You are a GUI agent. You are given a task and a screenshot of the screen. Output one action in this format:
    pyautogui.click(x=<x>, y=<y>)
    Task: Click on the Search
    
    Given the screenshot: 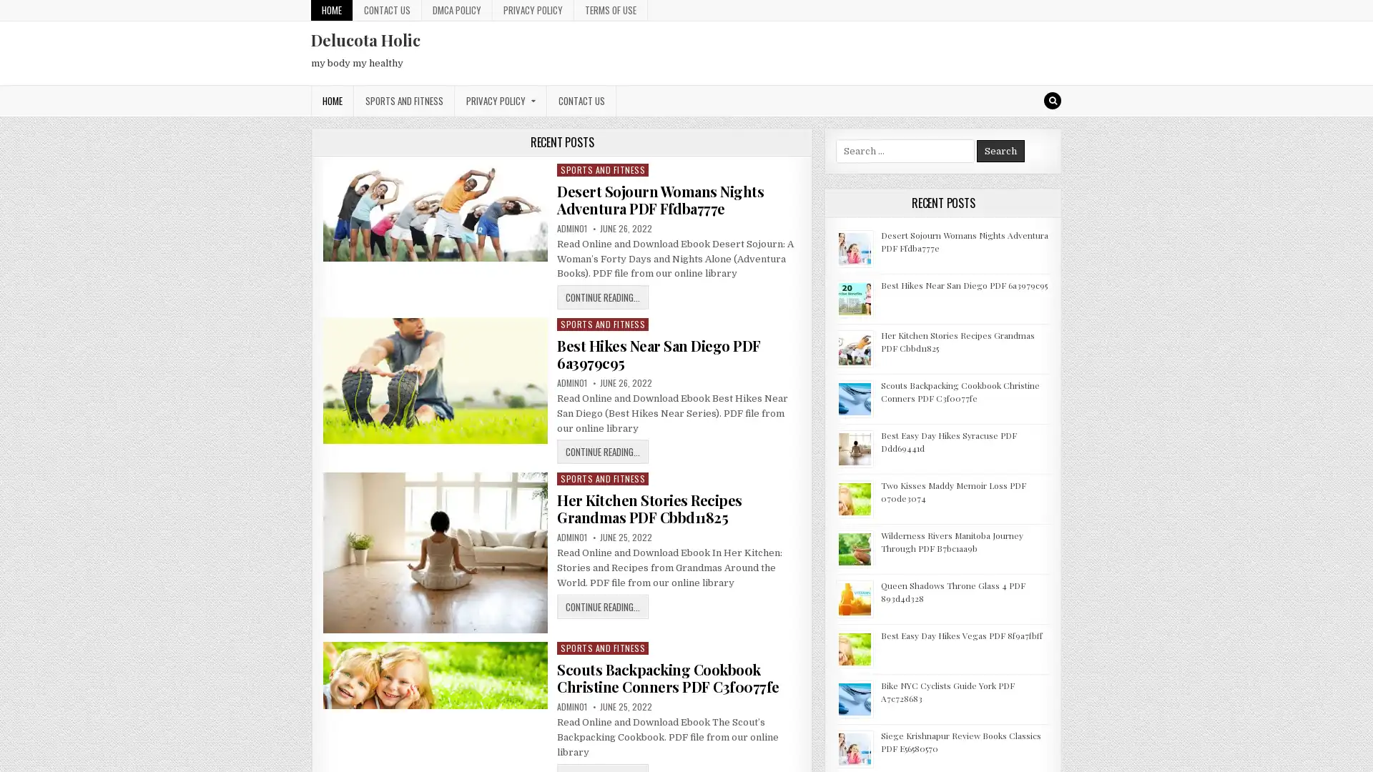 What is the action you would take?
    pyautogui.click(x=1000, y=151)
    